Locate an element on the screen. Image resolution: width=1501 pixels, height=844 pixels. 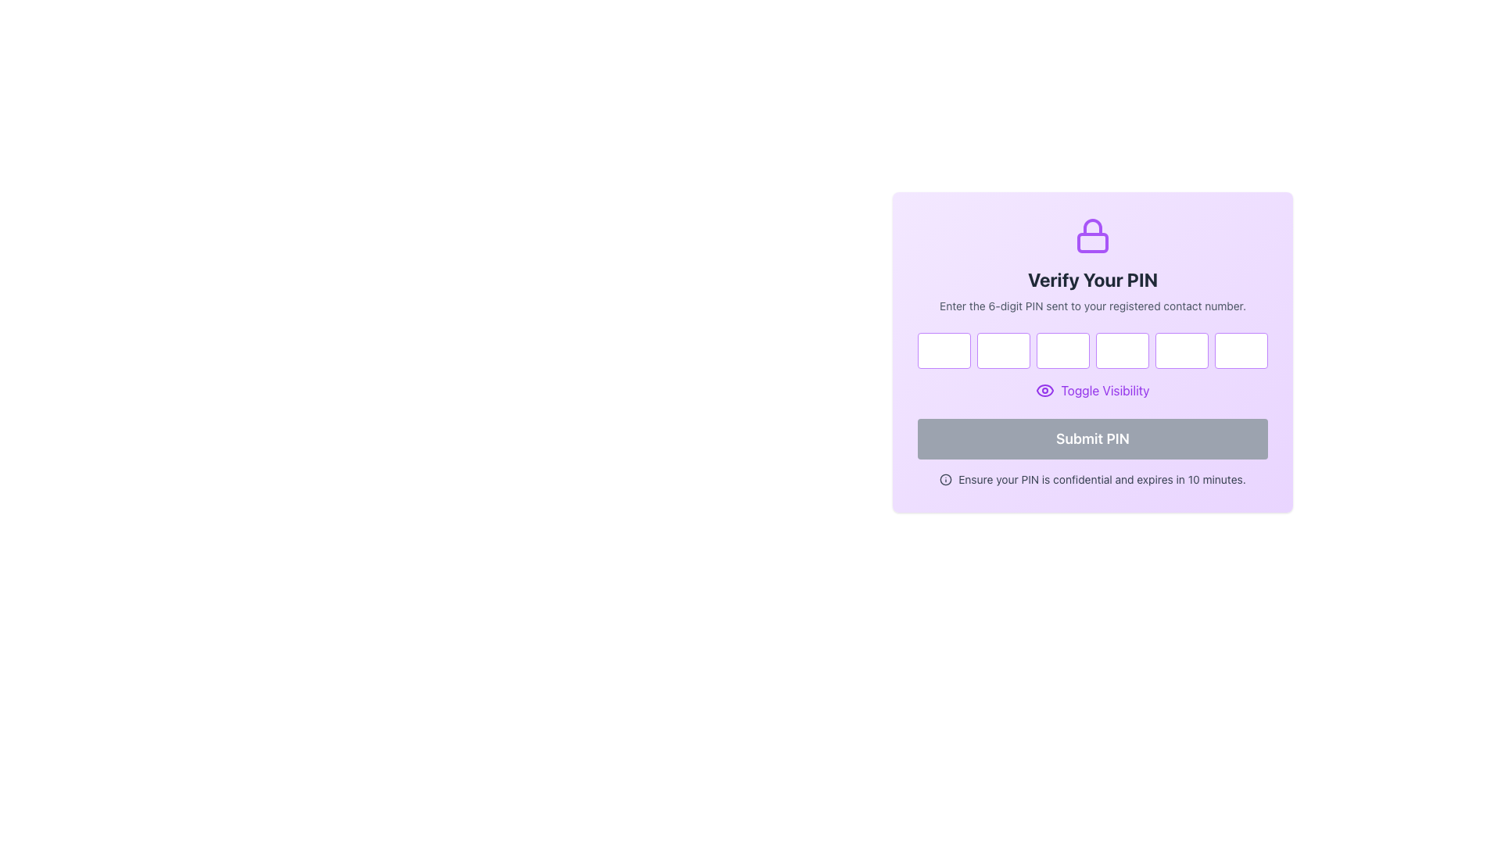
the 'Submit PIN' button, which is a rectangular button with a gray background and white bold text, located at the bottom of a purple dialog box is located at coordinates (1091, 439).